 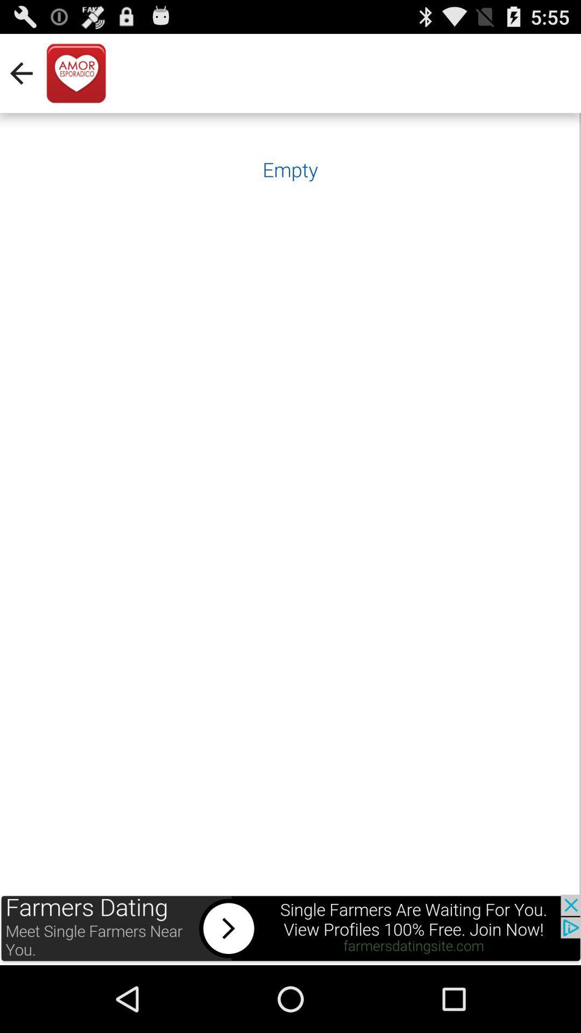 What do you see at coordinates (290, 929) in the screenshot?
I see `advertisement` at bounding box center [290, 929].